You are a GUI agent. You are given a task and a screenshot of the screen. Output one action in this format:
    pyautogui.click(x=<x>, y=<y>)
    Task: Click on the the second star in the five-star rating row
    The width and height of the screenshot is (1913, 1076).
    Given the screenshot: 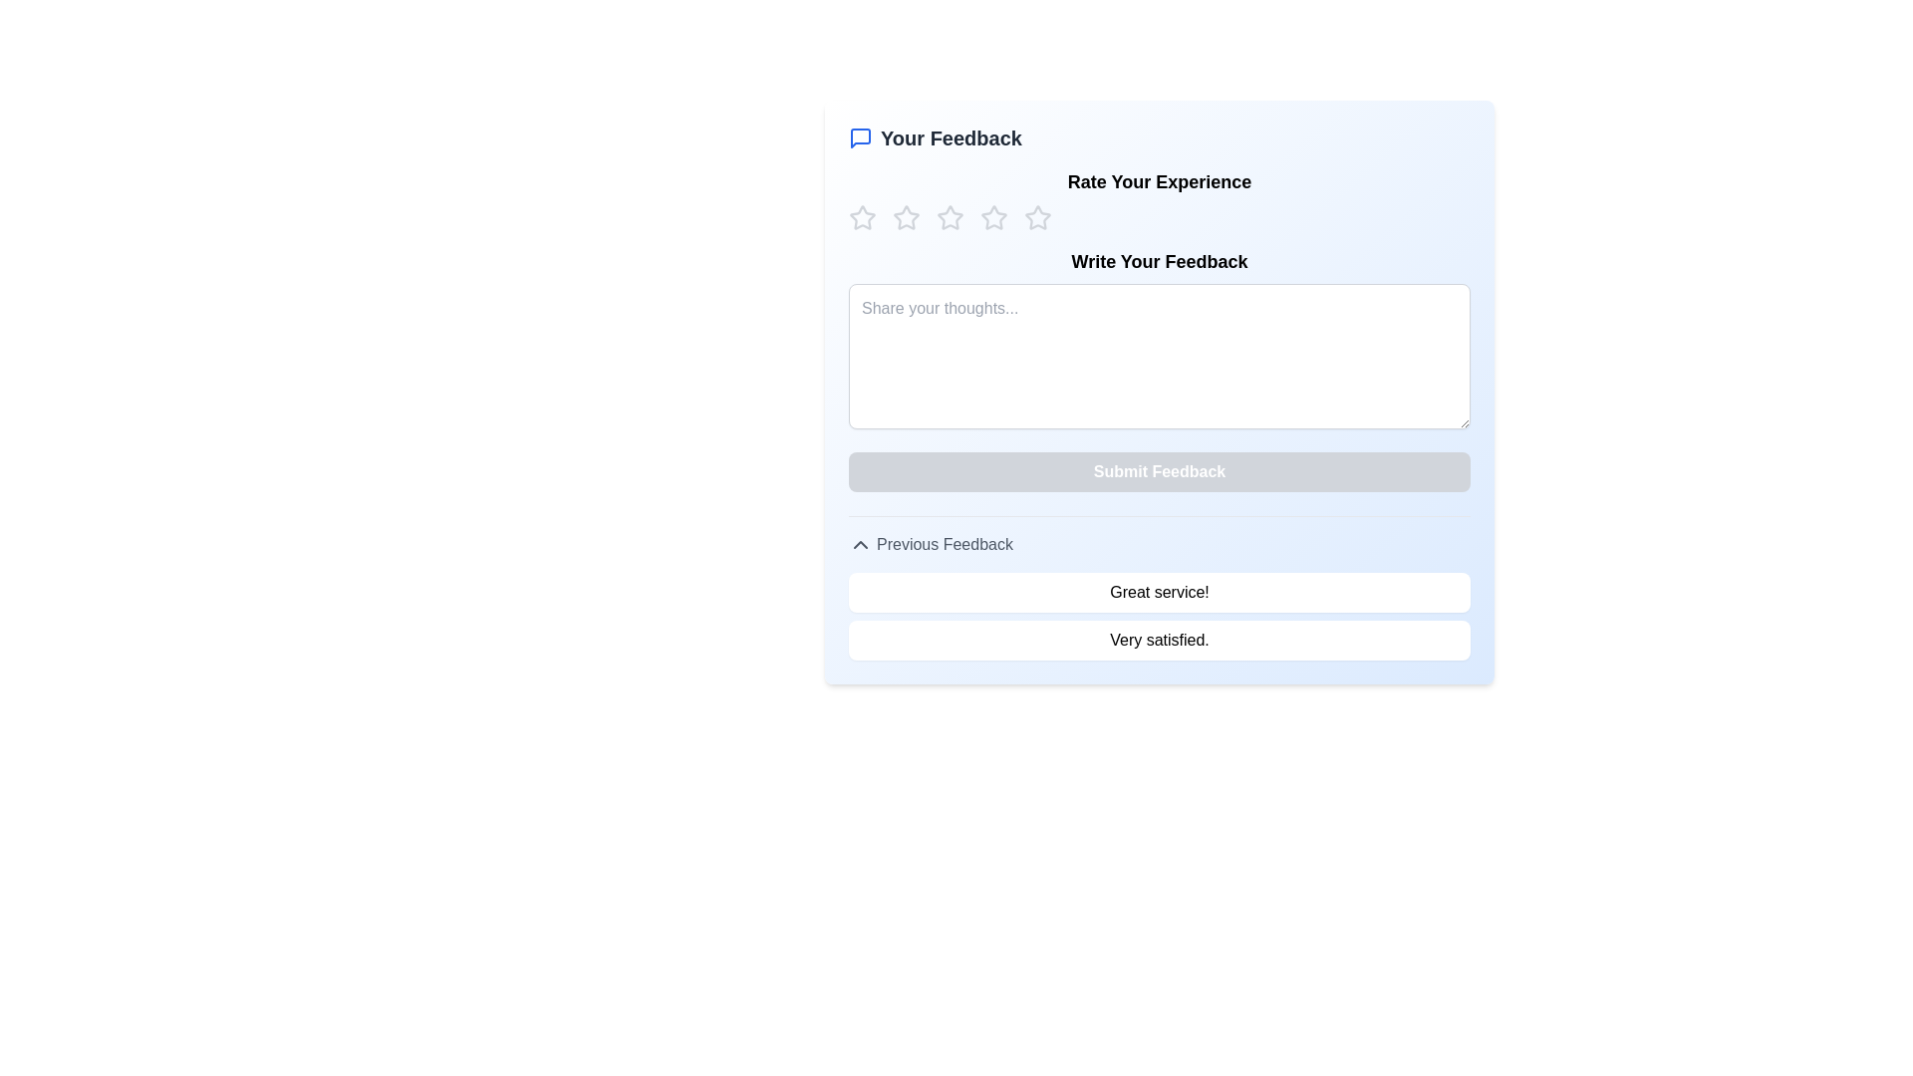 What is the action you would take?
    pyautogui.click(x=950, y=217)
    